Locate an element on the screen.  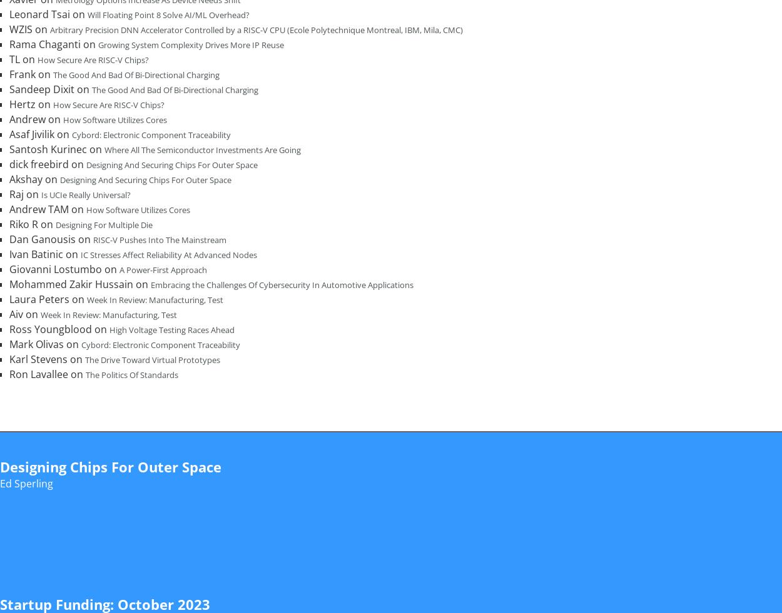
'Is UCIe Really Universal?' is located at coordinates (86, 194).